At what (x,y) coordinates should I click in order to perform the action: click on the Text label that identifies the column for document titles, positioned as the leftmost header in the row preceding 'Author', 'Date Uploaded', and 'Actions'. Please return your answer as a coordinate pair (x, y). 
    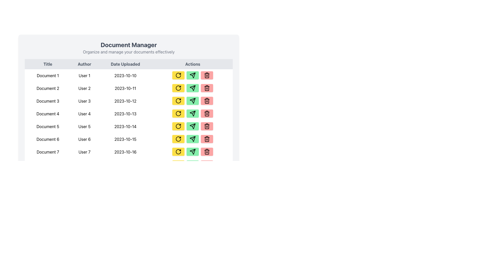
    Looking at the image, I should click on (48, 64).